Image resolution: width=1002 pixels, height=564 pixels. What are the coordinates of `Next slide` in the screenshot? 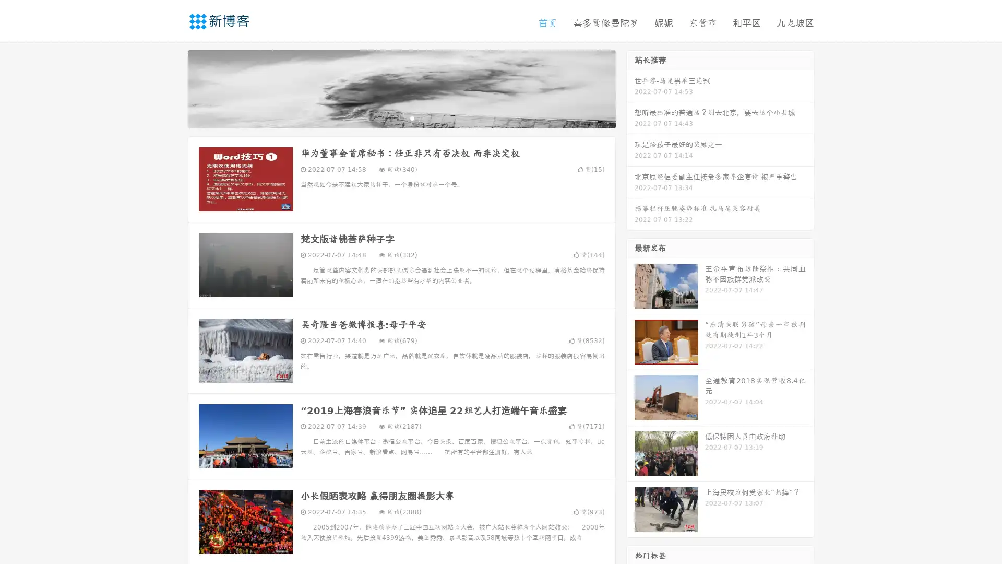 It's located at (630, 88).